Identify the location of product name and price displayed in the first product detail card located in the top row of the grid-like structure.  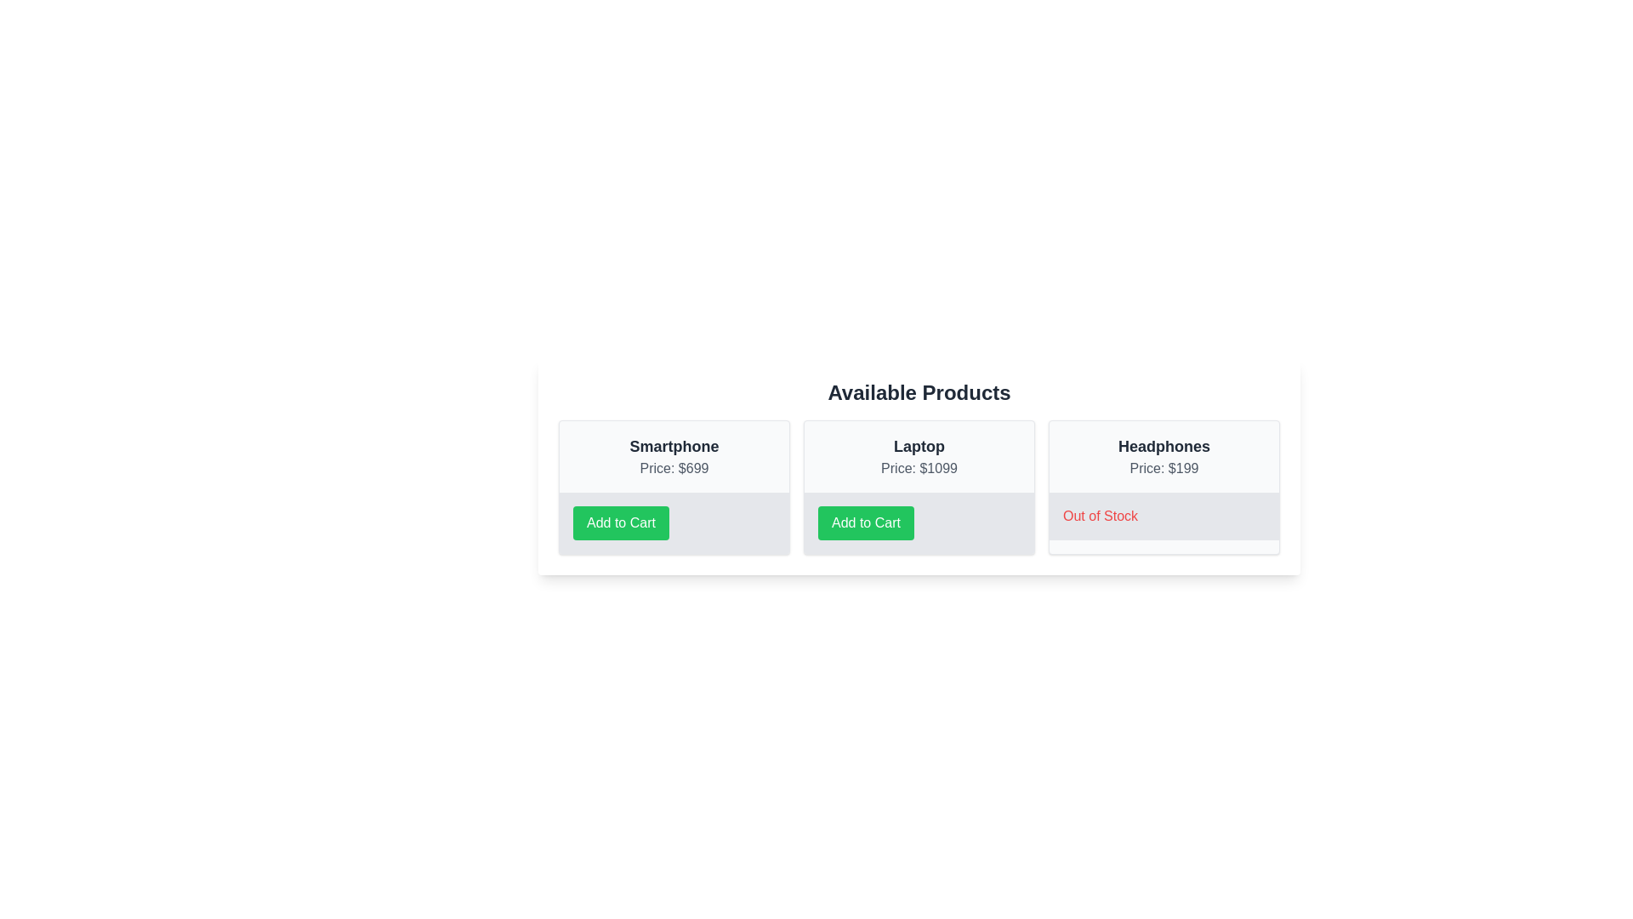
(673, 455).